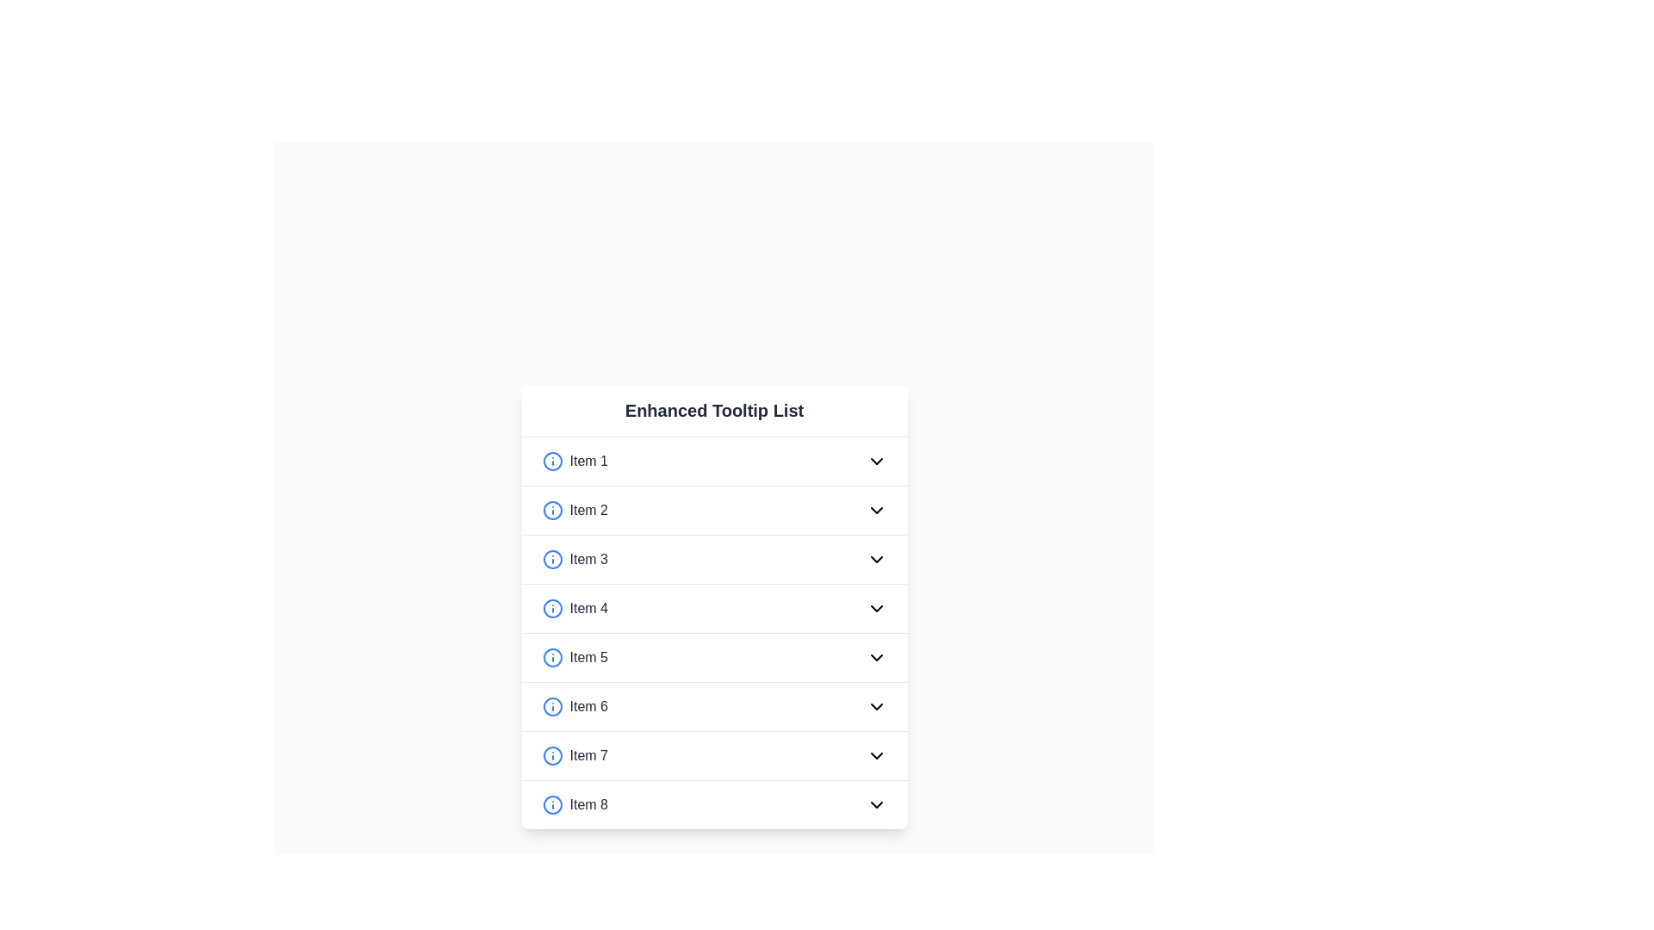 The image size is (1654, 930). I want to click on the chevron icon at the far right of the 'Item 1' list entry, so click(876, 461).